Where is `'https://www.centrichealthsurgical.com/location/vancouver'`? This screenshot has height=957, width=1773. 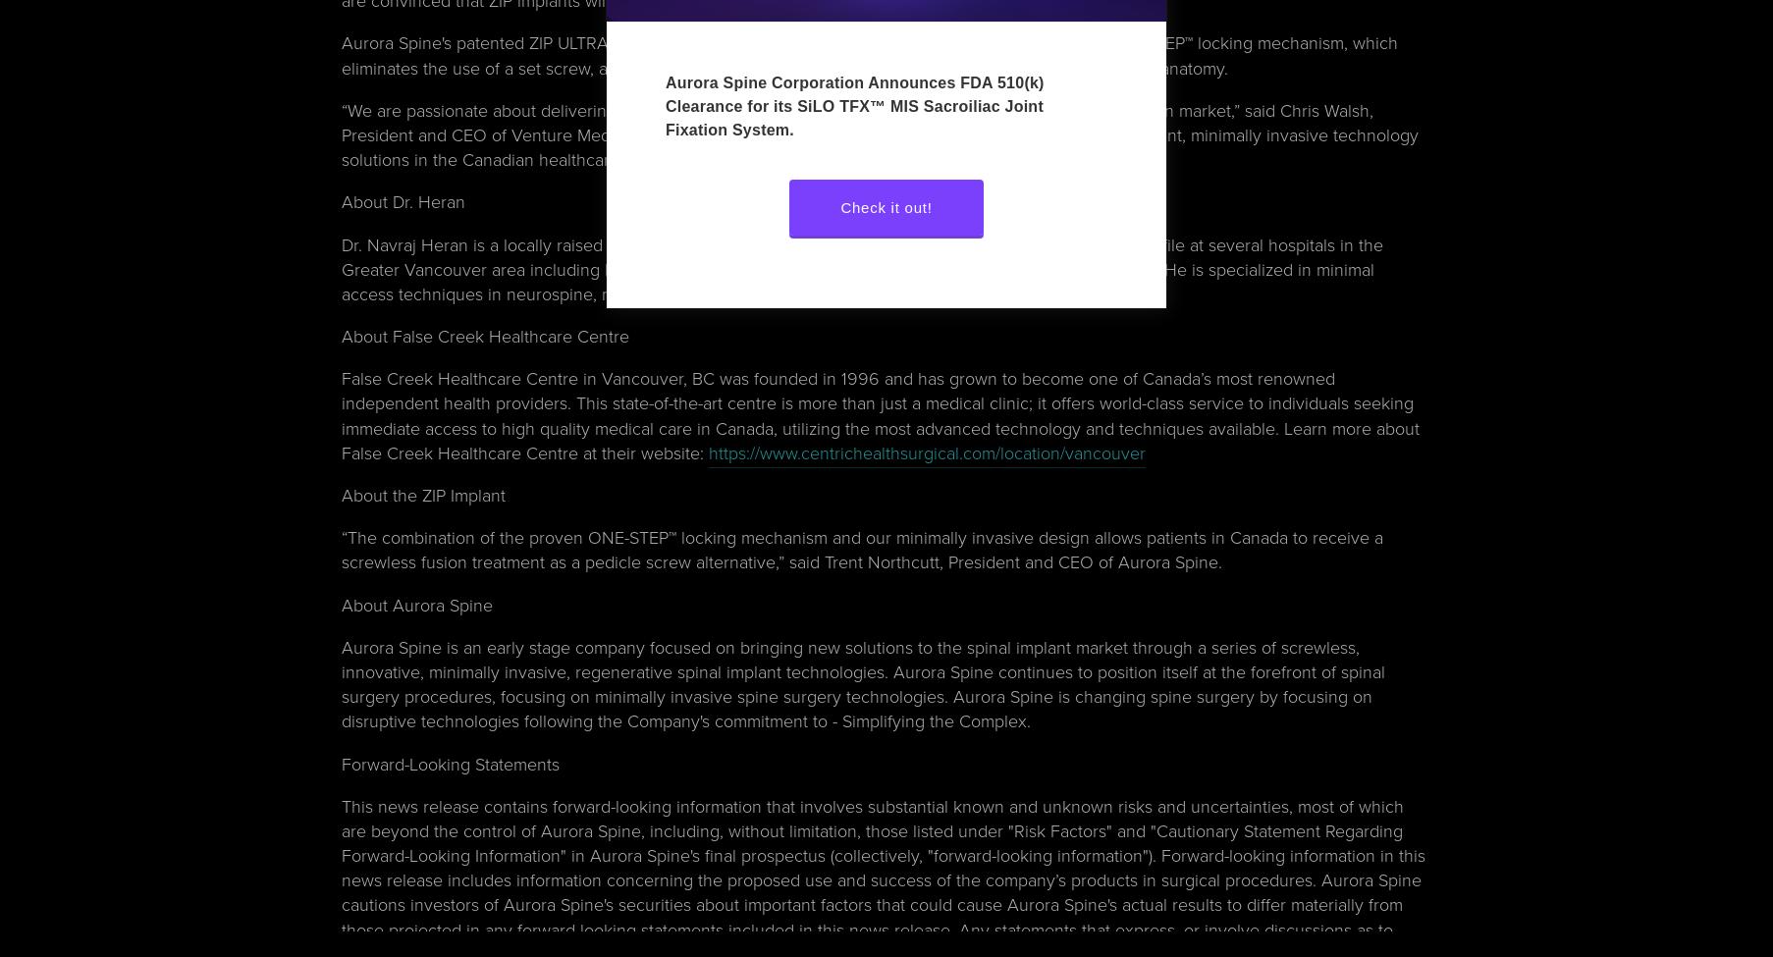 'https://www.centrichealthsurgical.com/location/vancouver' is located at coordinates (926, 452).